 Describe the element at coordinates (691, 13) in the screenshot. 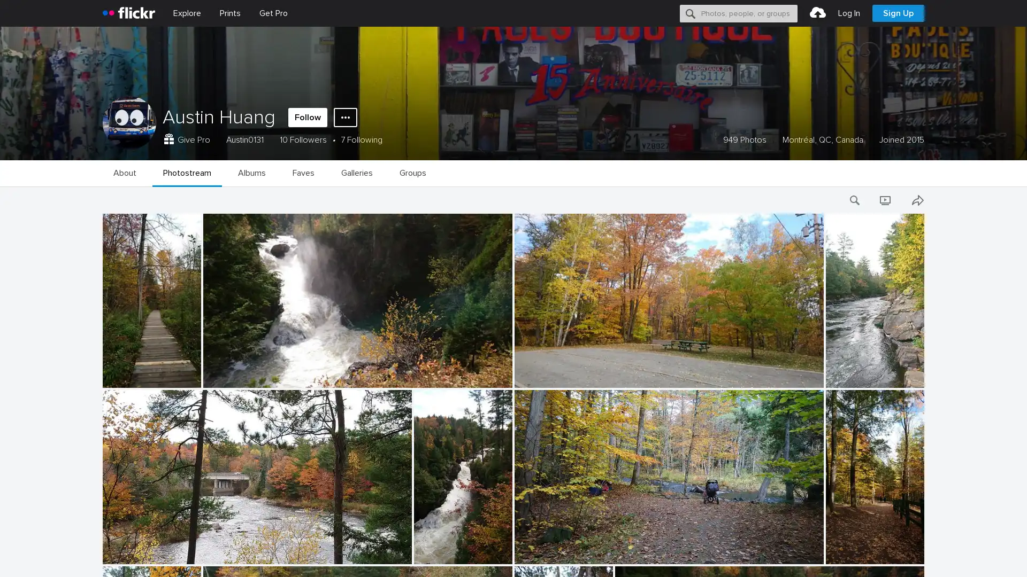

I see `Search` at that location.